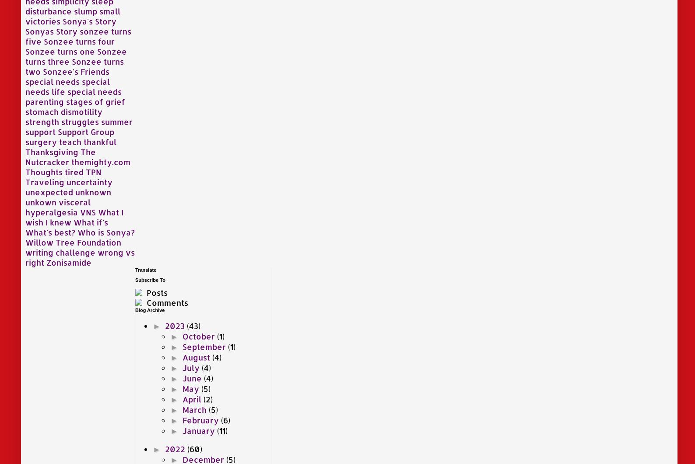 The image size is (695, 464). I want to click on 'April', so click(193, 398).